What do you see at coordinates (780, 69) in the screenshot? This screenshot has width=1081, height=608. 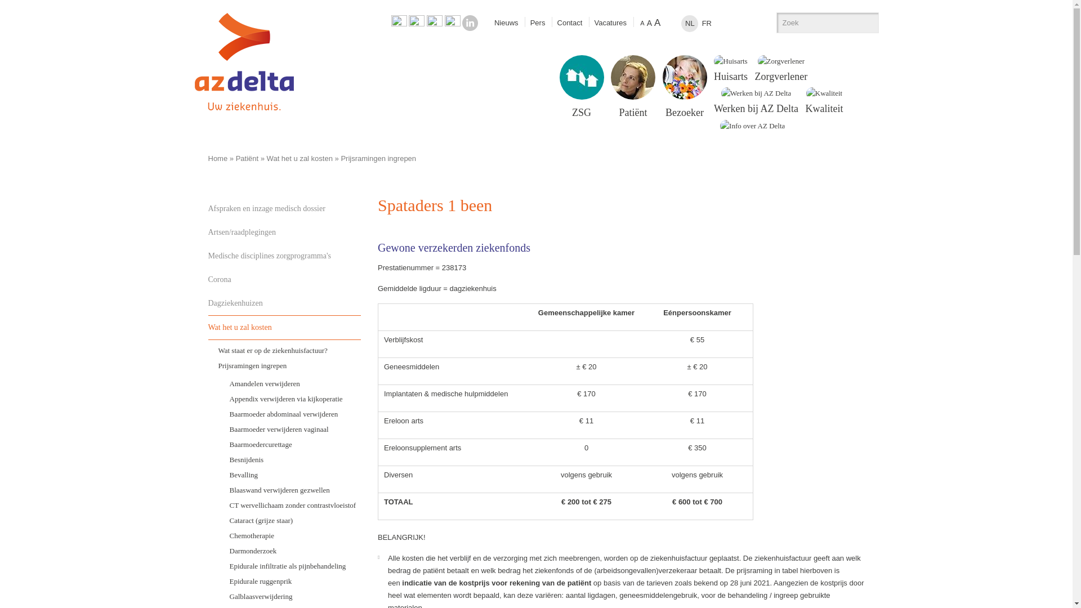 I see `'Zorgverlener'` at bounding box center [780, 69].